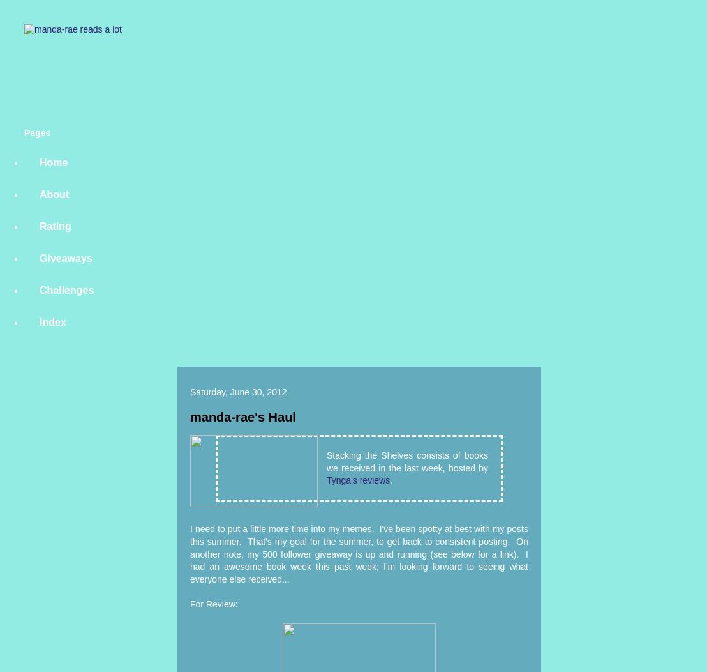 This screenshot has height=672, width=707. What do you see at coordinates (359, 553) in the screenshot?
I see `'I need to put a little more time into my memes.  I've been spotty at best with my posts this summer.  That's my goal for the summer, to get back to consistent posting.  On another note, my 500 follower giveaway is up and running (see below for a link).  I had an awesome book week this past week; I'm looking forward to seeing what everyone else received...'` at bounding box center [359, 553].